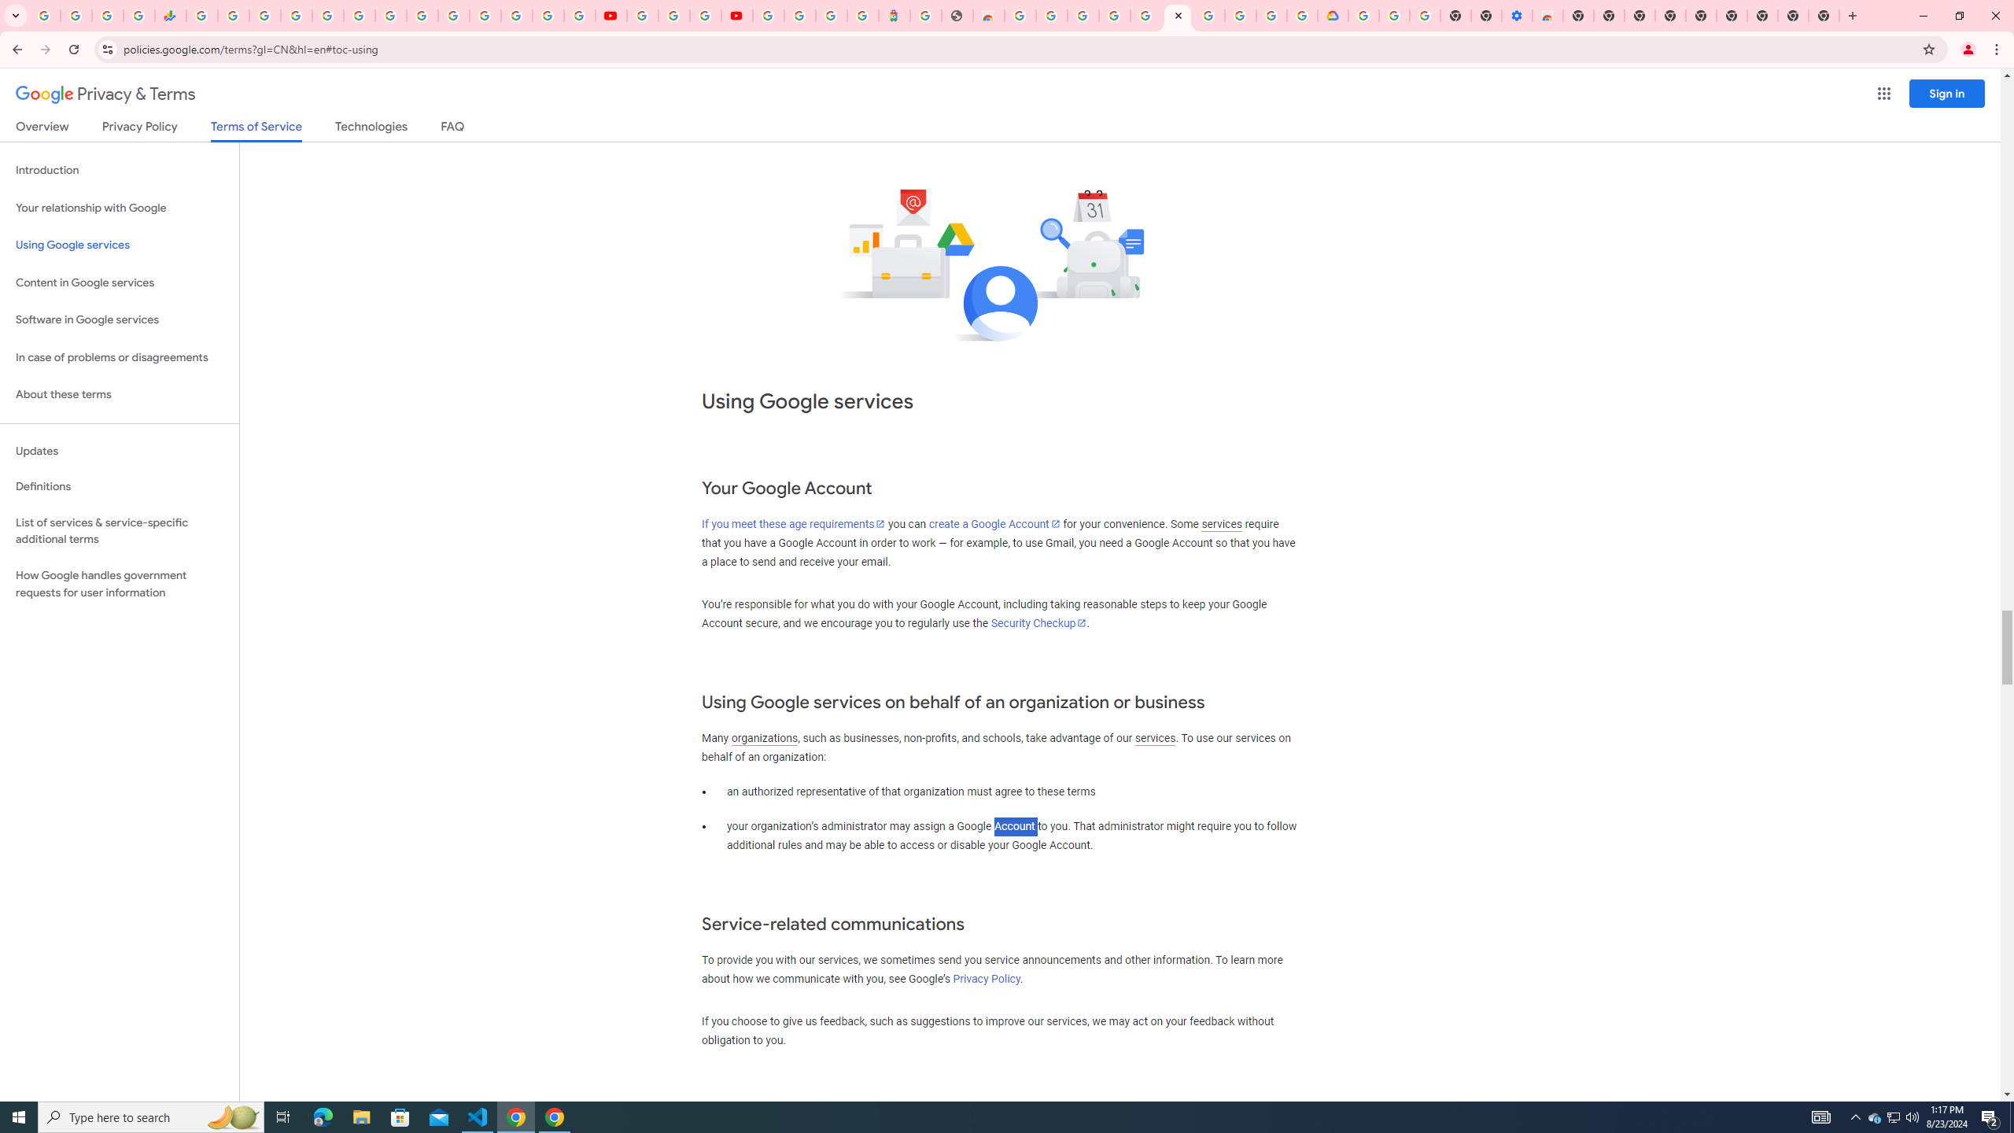  Describe the element at coordinates (390, 15) in the screenshot. I see `'Android TV Policies and Guidelines - Transparency Center'` at that location.